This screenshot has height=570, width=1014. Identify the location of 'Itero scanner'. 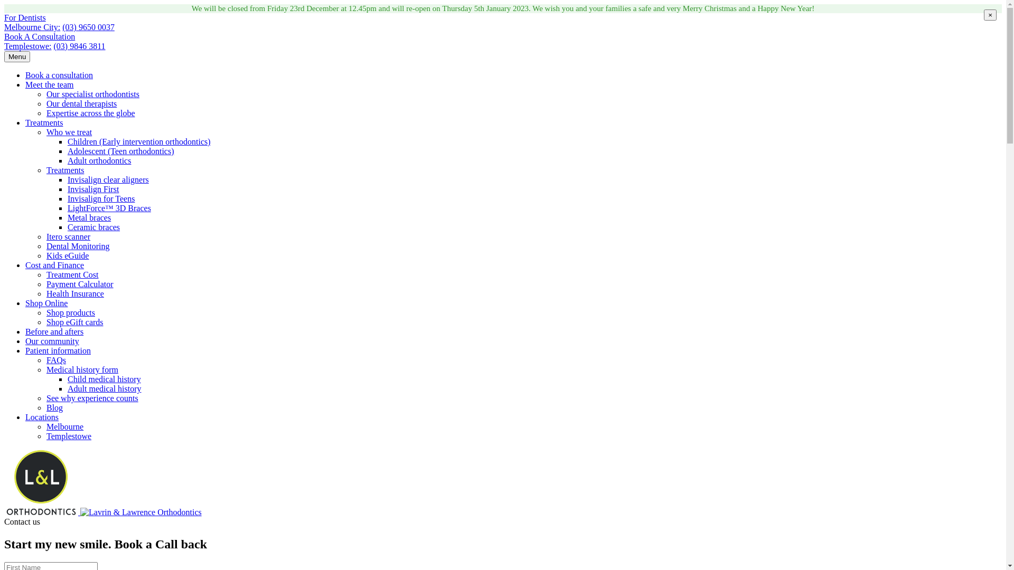
(68, 236).